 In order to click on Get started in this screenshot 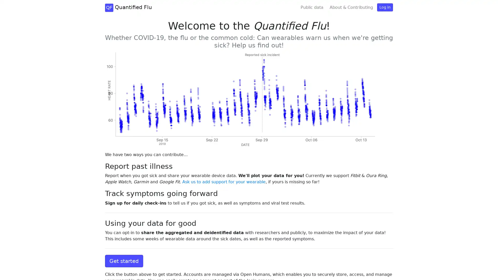, I will do `click(124, 261)`.